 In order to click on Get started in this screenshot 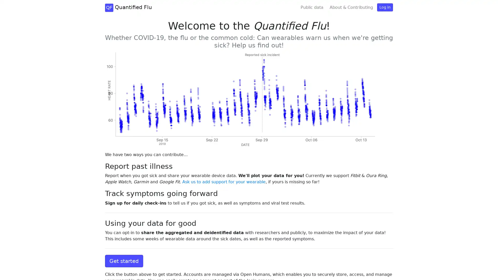, I will do `click(124, 261)`.